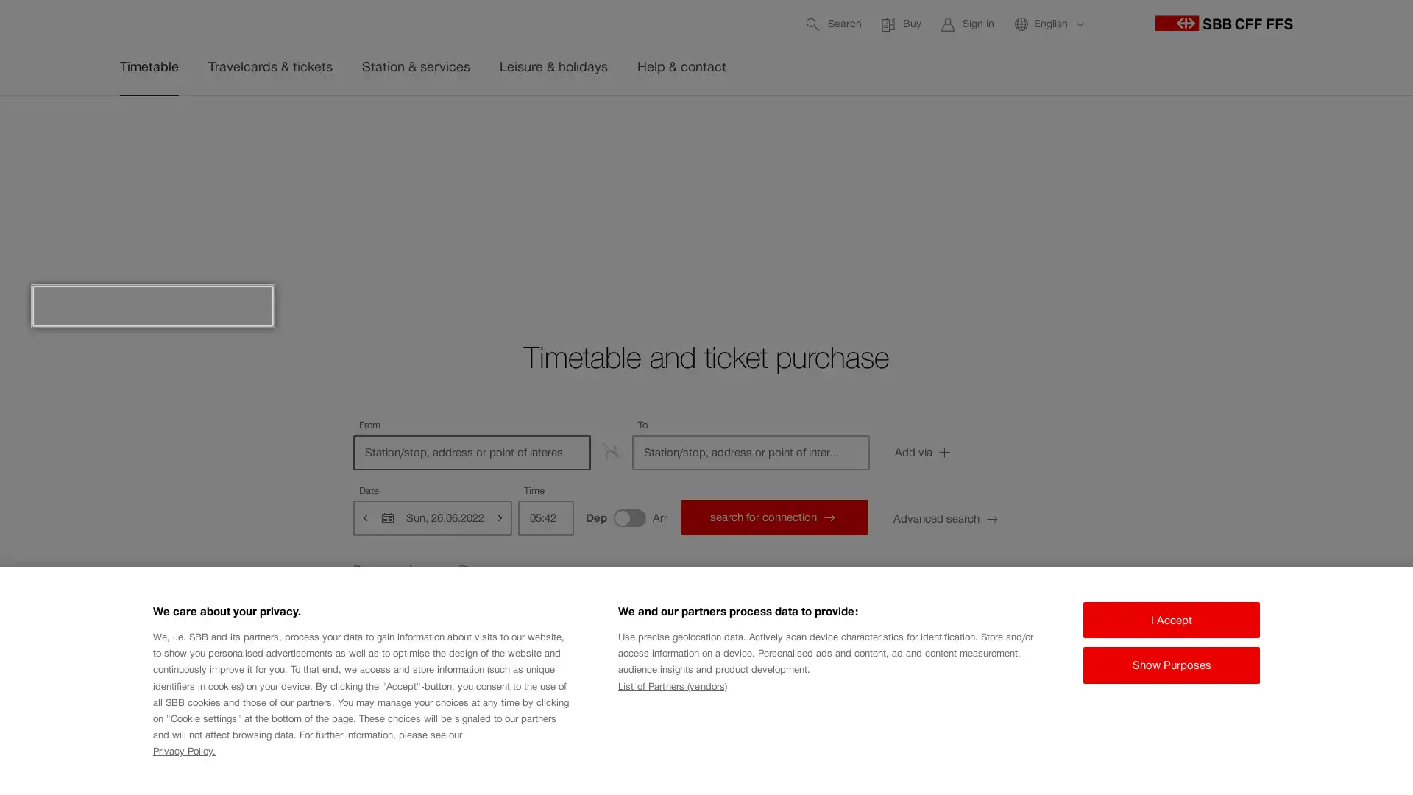 The width and height of the screenshot is (1413, 795). Describe the element at coordinates (1310, 130) in the screenshot. I see `Close active menu item Travelcards & tickets.` at that location.